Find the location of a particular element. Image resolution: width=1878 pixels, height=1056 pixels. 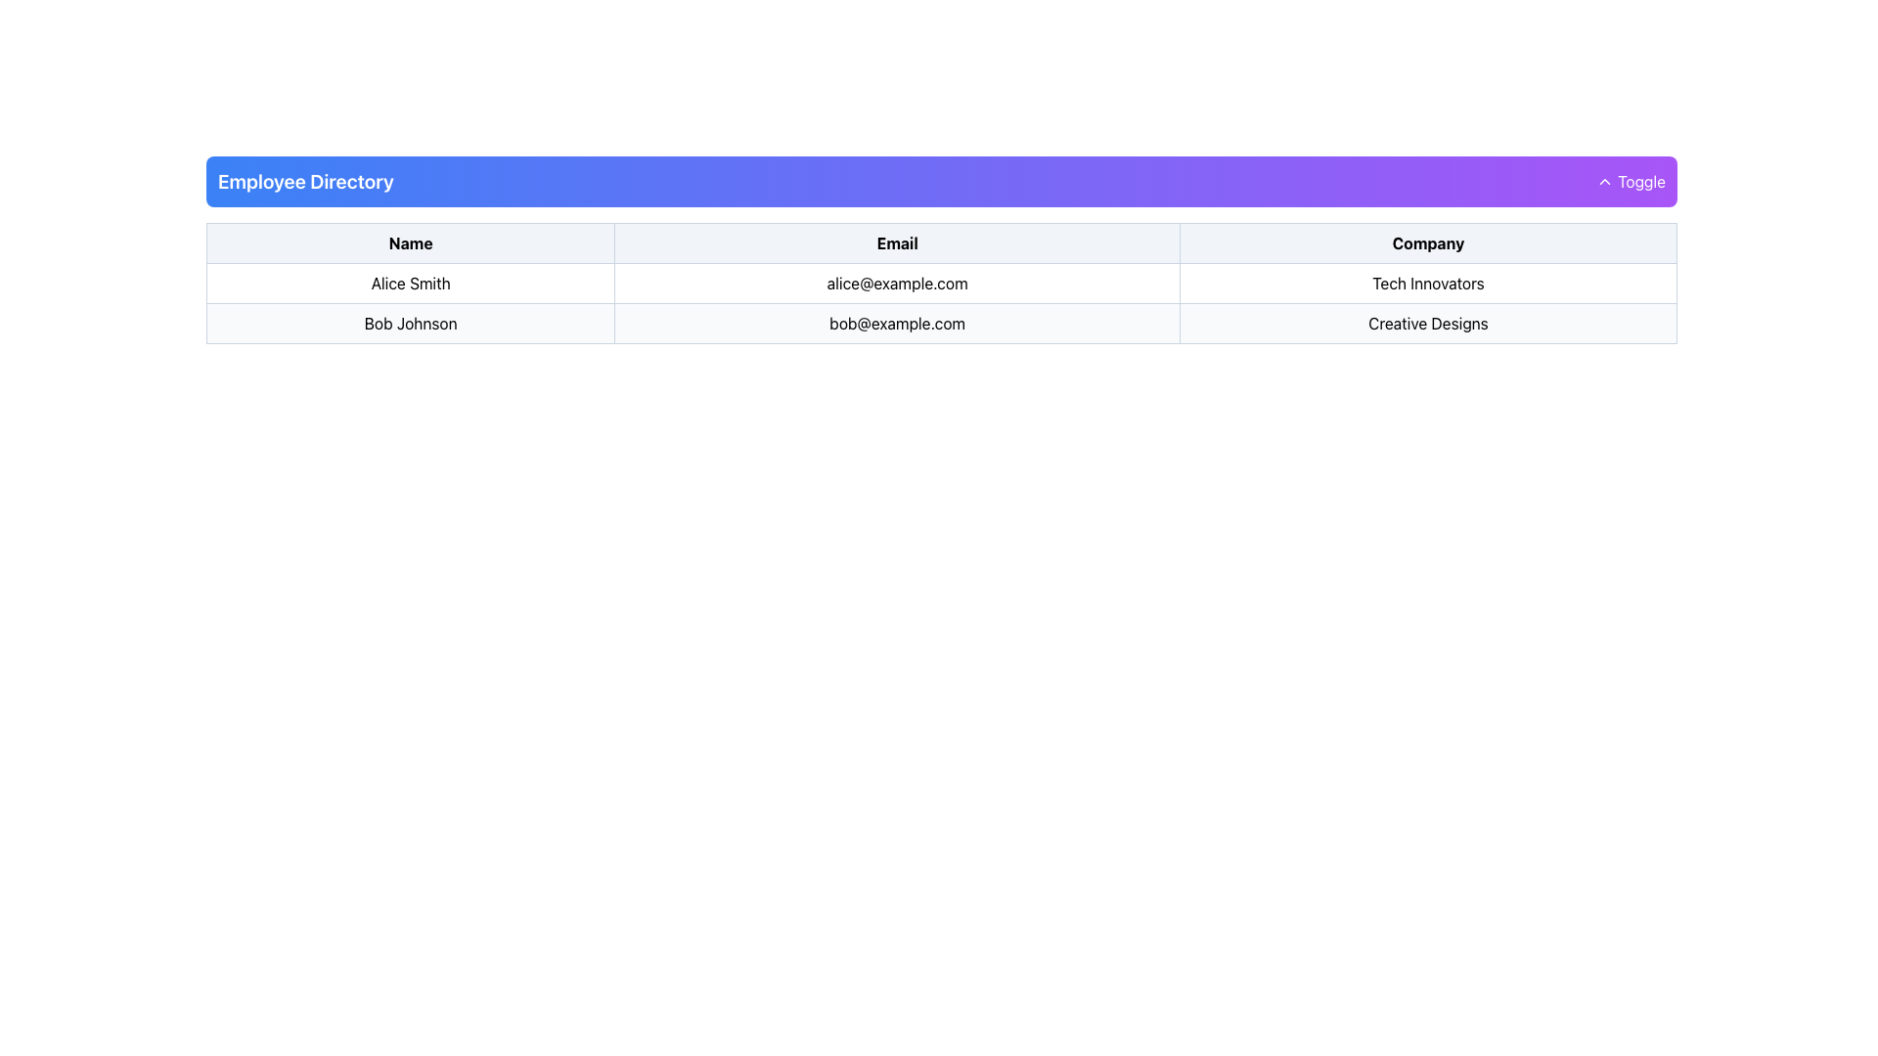

the table row displaying information about 'Bob Johnson', which is the second data row in the table under the headers 'Name', 'Email', and 'Company' is located at coordinates (942, 303).